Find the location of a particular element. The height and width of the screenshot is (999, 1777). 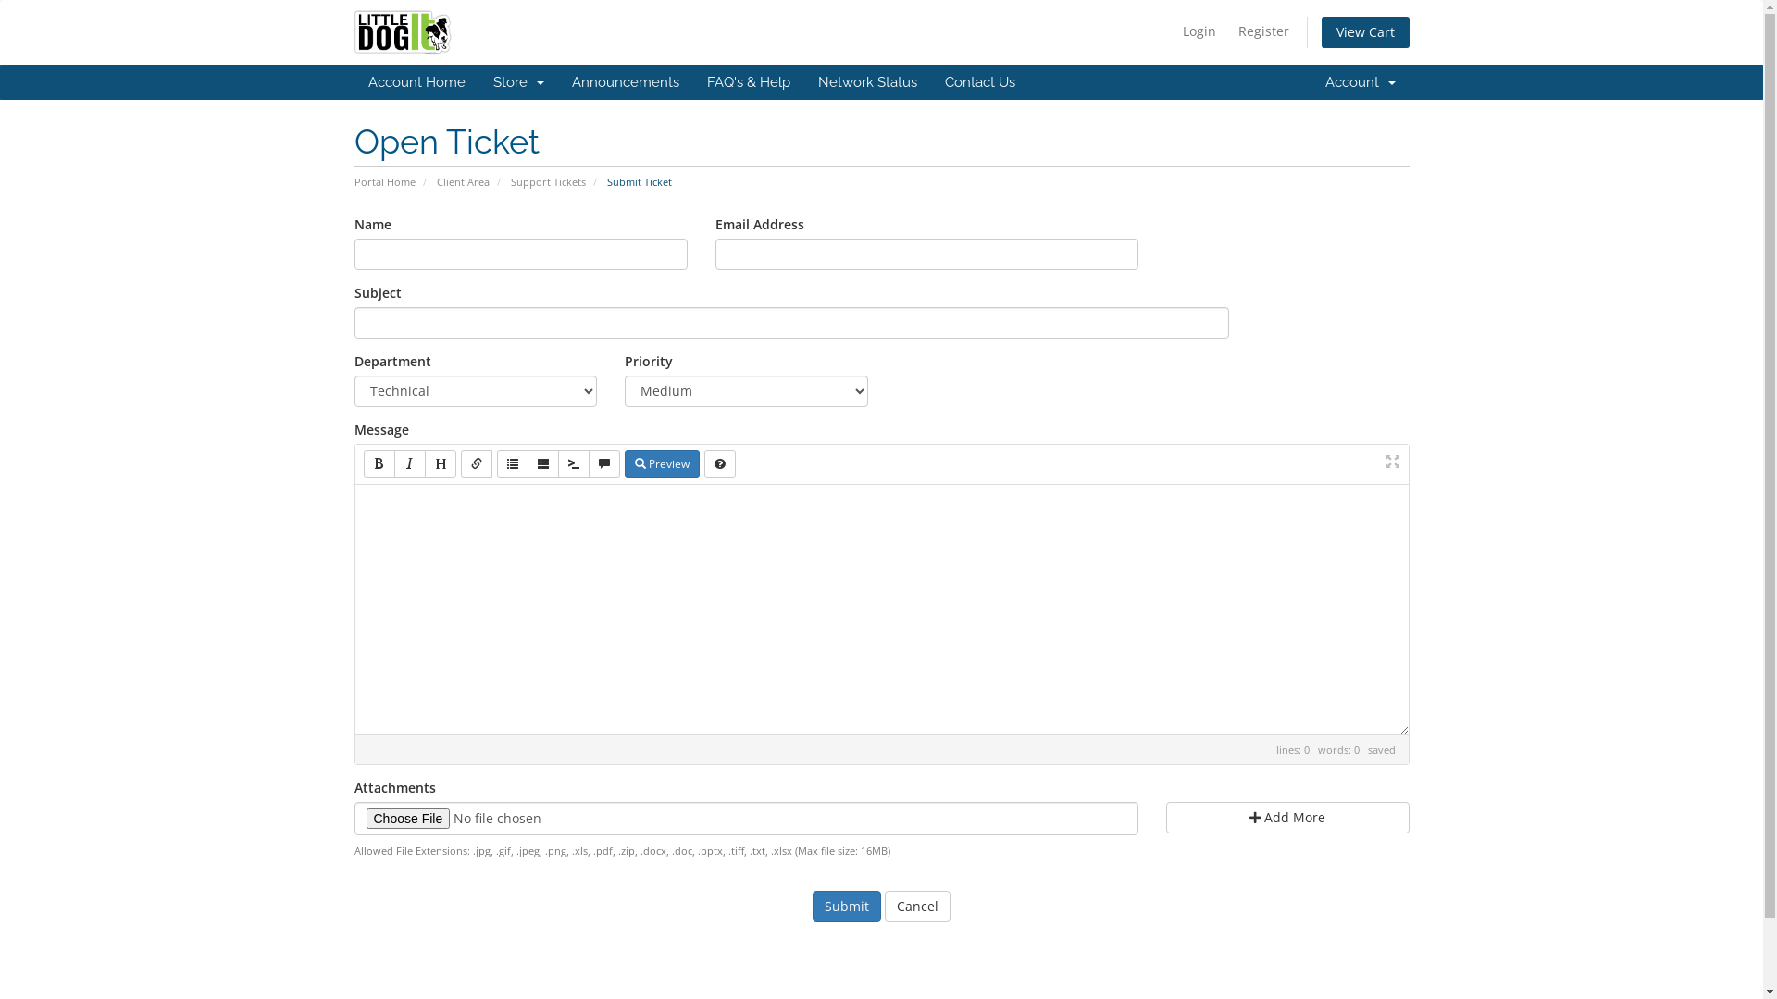

'Cancel' is located at coordinates (917, 905).